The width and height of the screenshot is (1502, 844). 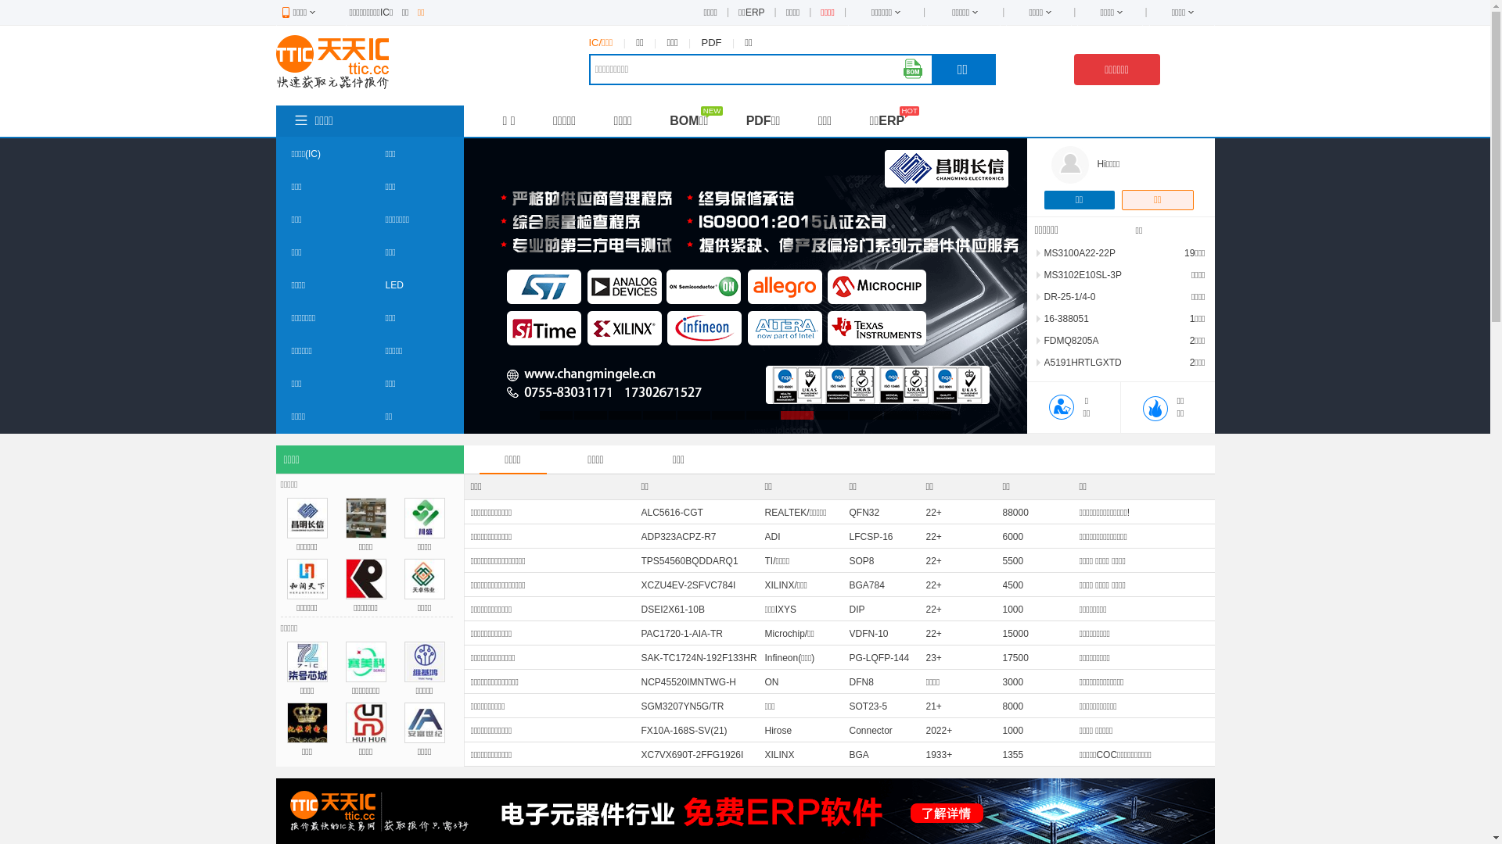 I want to click on 'XCZU4EV-2SFVC784I', so click(x=688, y=585).